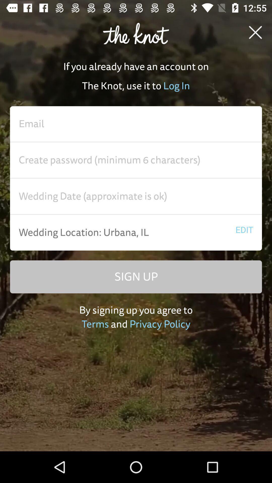  I want to click on e mail create password, so click(136, 160).